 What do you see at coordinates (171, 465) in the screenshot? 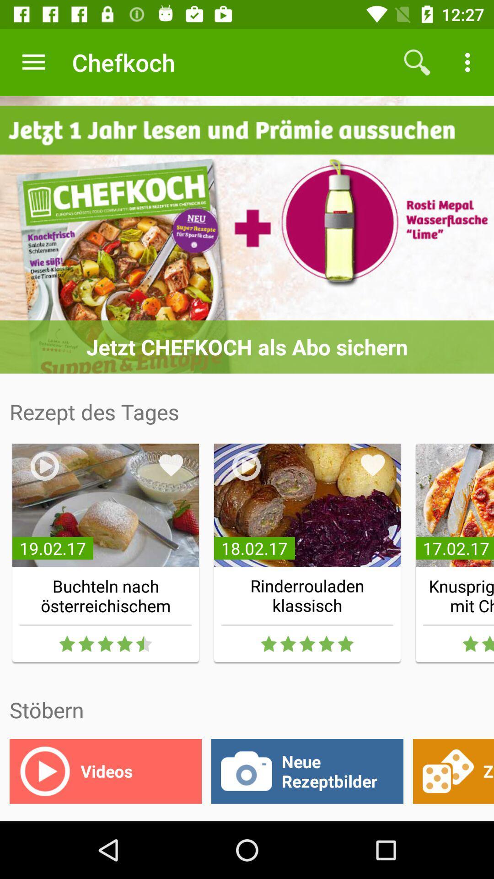
I see `icon below the rezept des tages item` at bounding box center [171, 465].